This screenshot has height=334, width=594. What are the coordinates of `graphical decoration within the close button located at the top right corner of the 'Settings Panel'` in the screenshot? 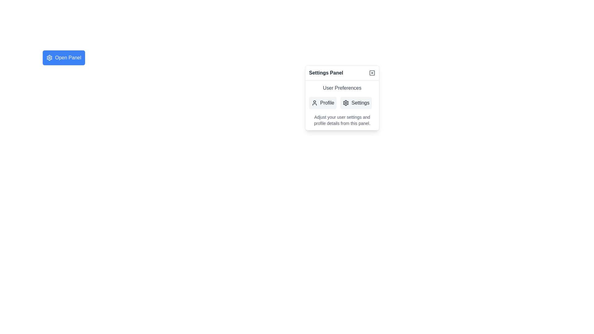 It's located at (372, 72).